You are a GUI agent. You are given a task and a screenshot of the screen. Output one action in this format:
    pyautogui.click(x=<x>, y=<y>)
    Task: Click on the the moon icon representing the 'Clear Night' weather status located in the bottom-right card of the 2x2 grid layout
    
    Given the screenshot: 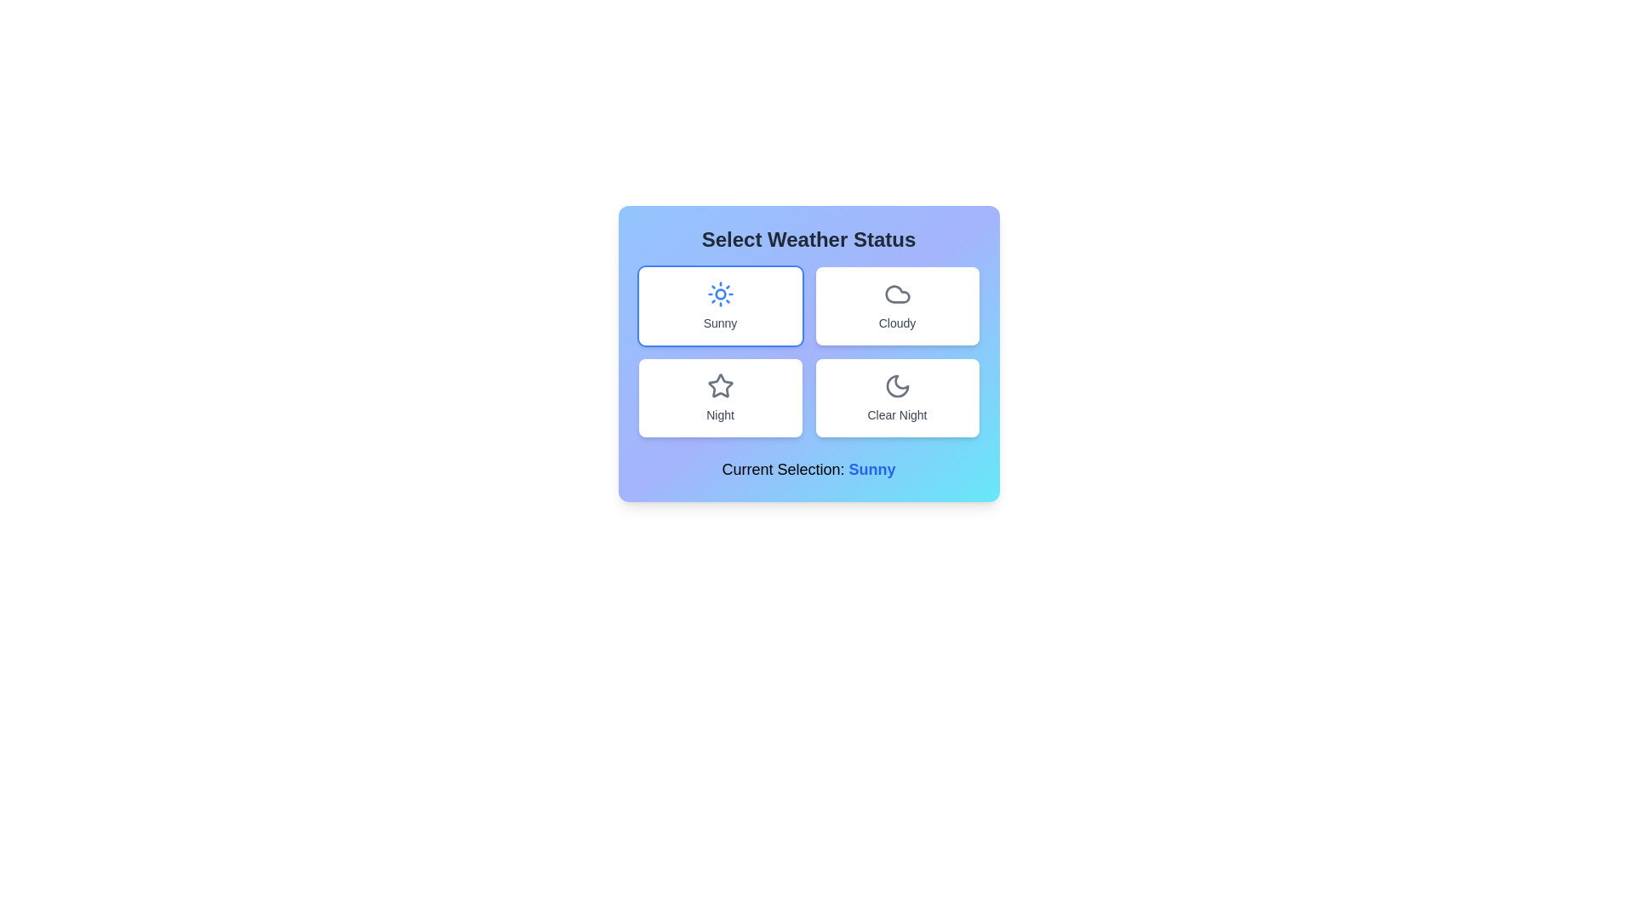 What is the action you would take?
    pyautogui.click(x=896, y=386)
    